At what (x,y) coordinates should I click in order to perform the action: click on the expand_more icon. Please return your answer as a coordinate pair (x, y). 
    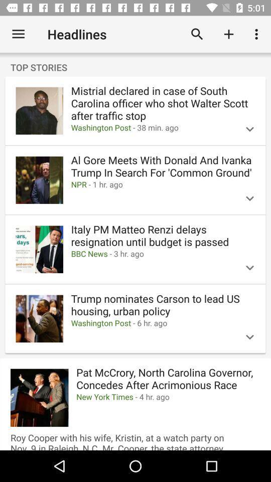
    Looking at the image, I should click on (249, 198).